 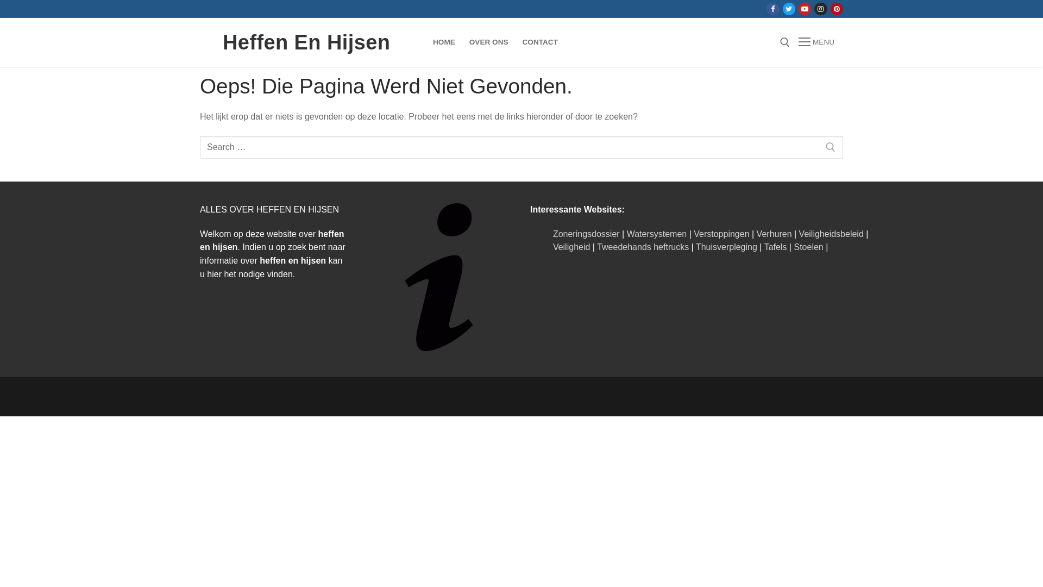 I want to click on 'Veiligheid', so click(x=571, y=247).